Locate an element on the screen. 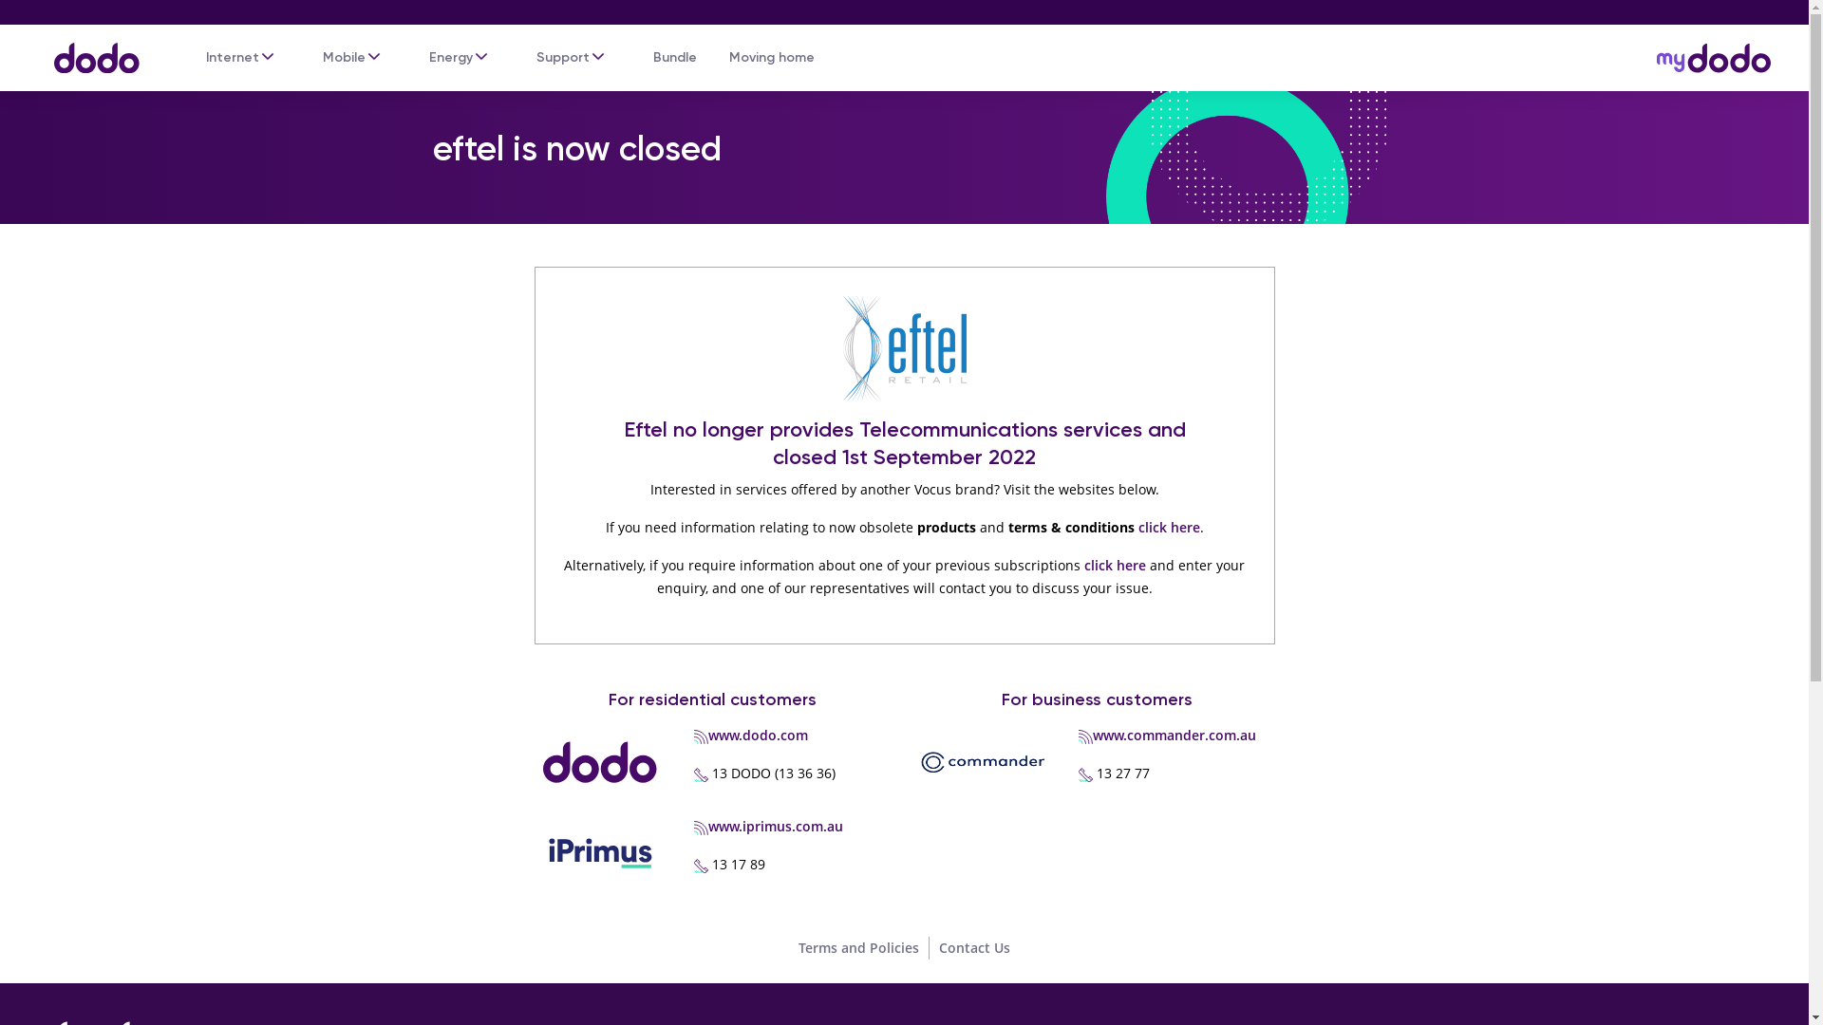 The height and width of the screenshot is (1025, 1823). 'Moving home' is located at coordinates (771, 57).